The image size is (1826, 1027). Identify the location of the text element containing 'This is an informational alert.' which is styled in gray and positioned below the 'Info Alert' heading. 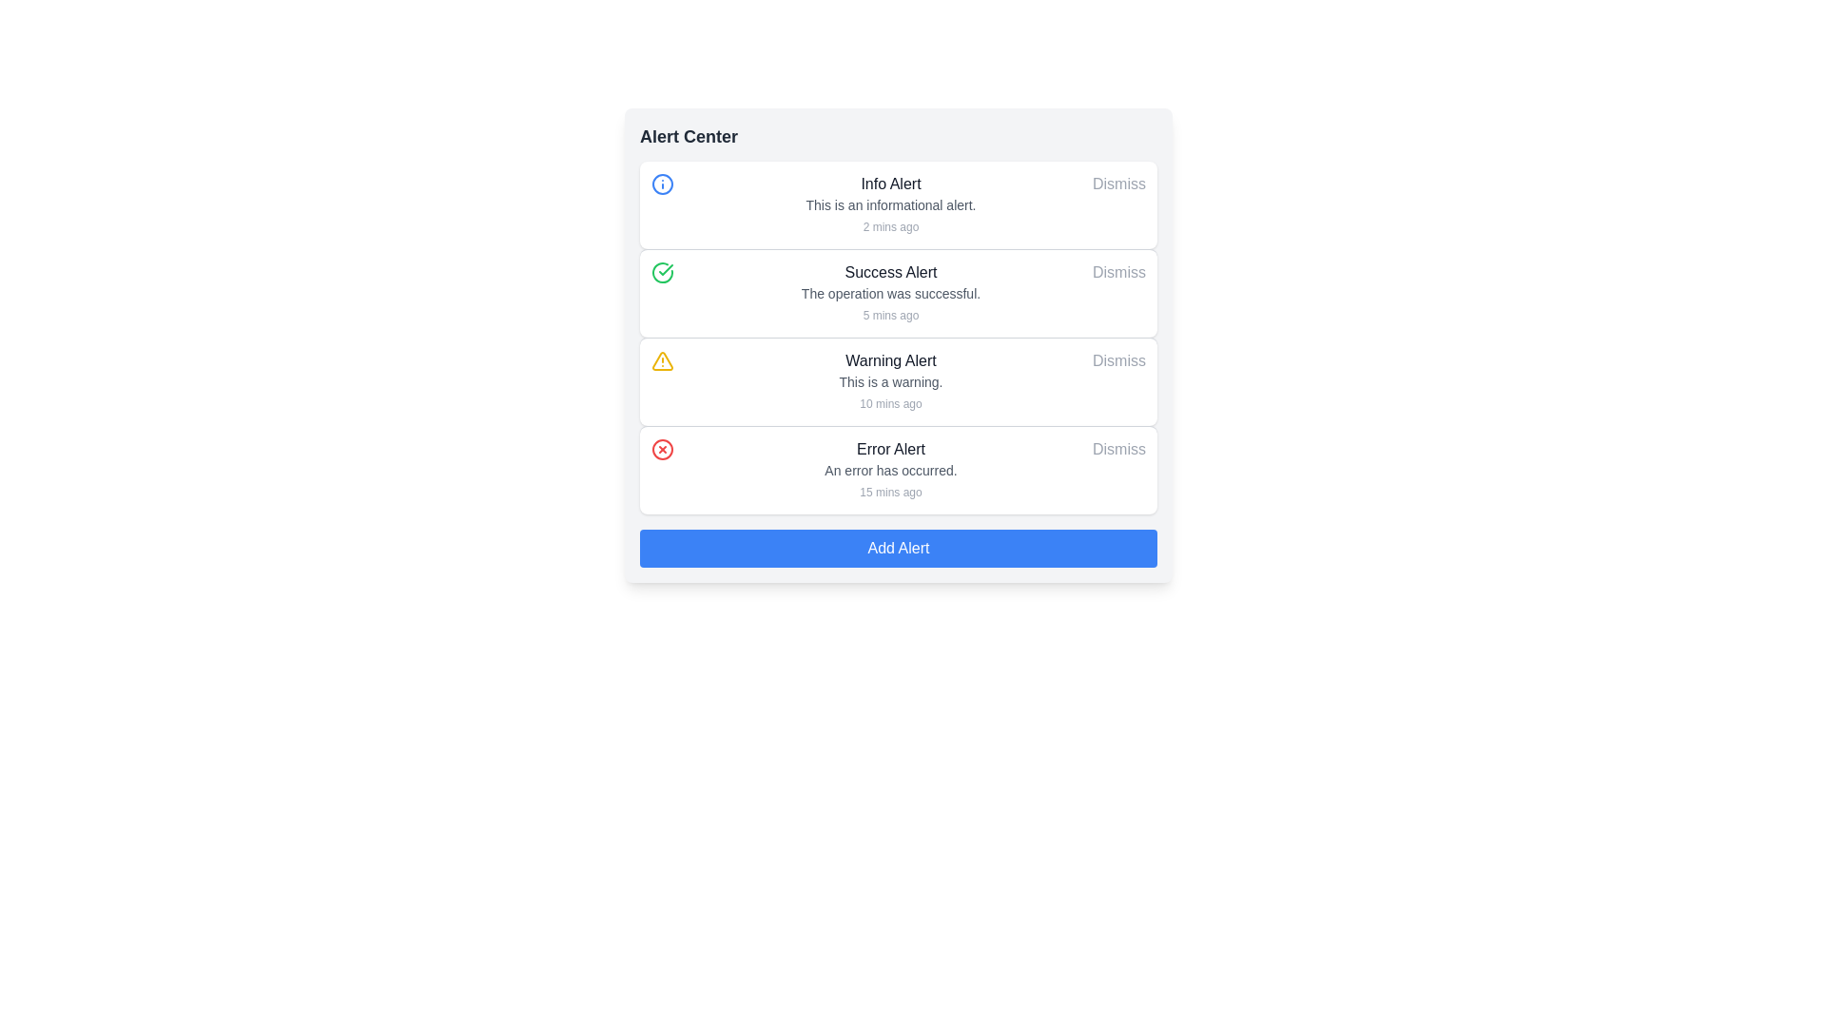
(889, 205).